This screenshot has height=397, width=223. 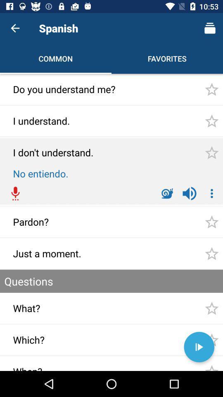 I want to click on the snail icon, so click(x=167, y=194).